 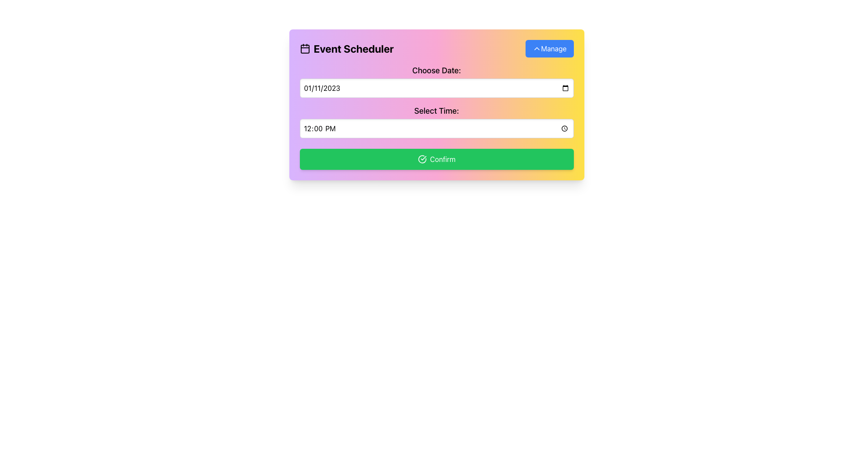 What do you see at coordinates (536, 49) in the screenshot?
I see `the icon located to the right of the text 'Manage' within the 'Manage' button` at bounding box center [536, 49].